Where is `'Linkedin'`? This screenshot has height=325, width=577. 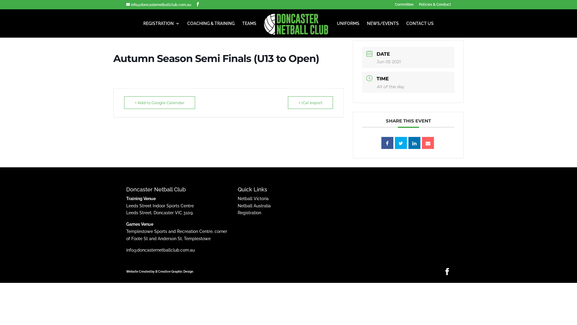
'Linkedin' is located at coordinates (414, 143).